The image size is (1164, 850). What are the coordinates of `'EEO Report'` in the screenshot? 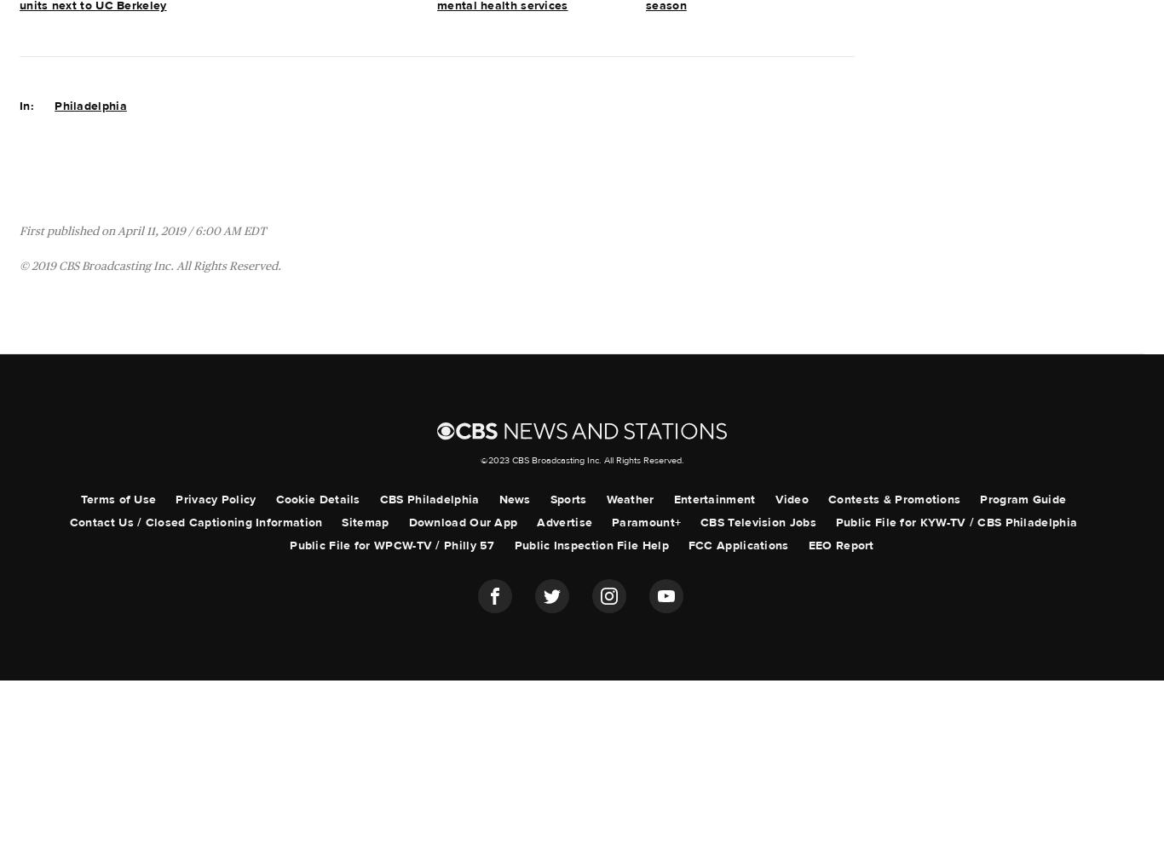 It's located at (840, 546).